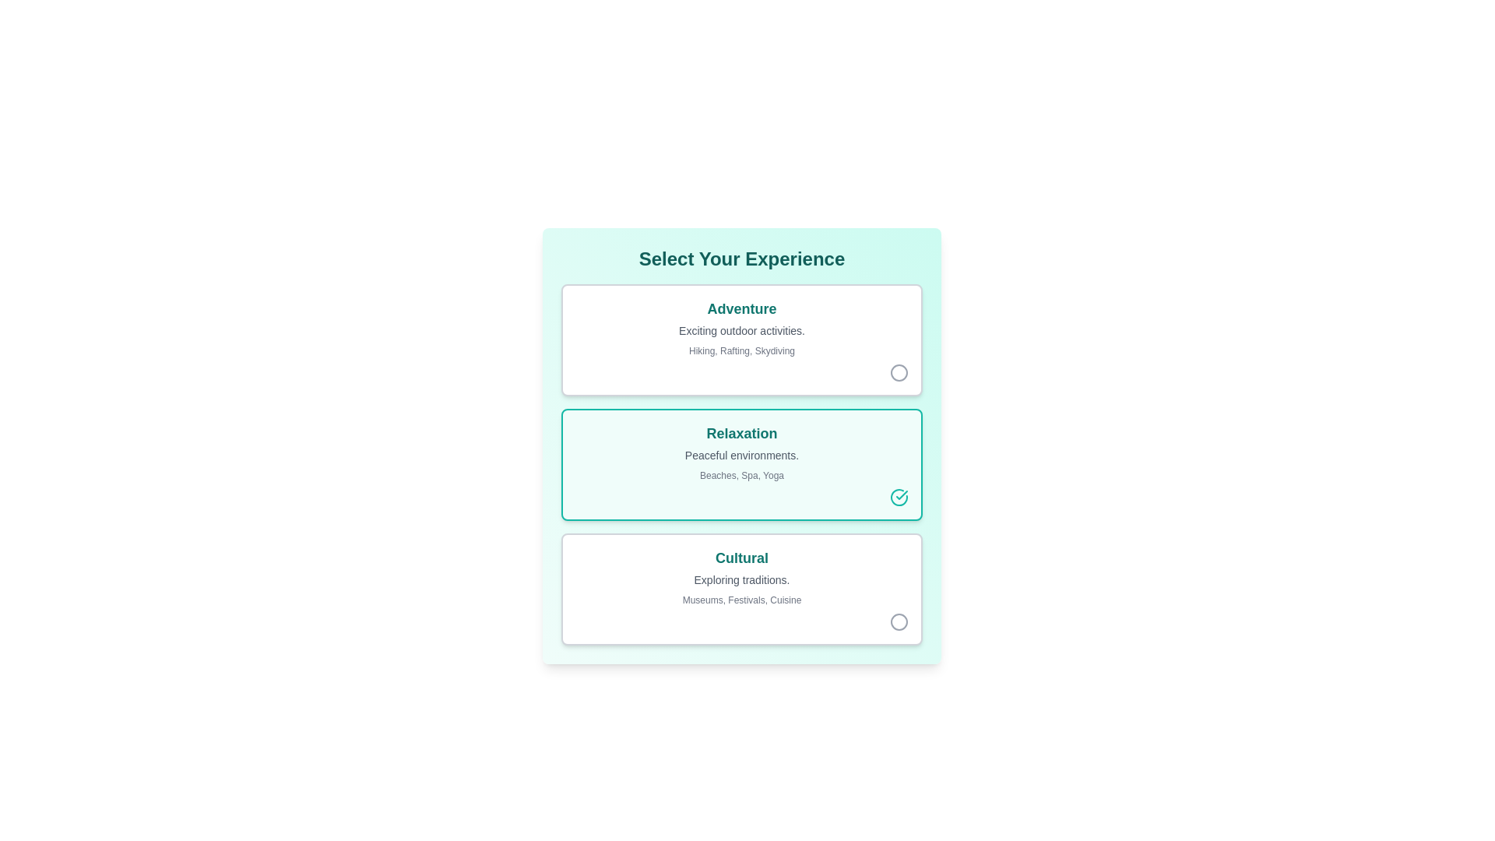 Image resolution: width=1495 pixels, height=841 pixels. Describe the element at coordinates (741, 600) in the screenshot. I see `the text segment displaying 'Museums, Festivals, Cuisine' within the 'Cultural' card, which is the third text block following 'Exploring traditions'` at that location.